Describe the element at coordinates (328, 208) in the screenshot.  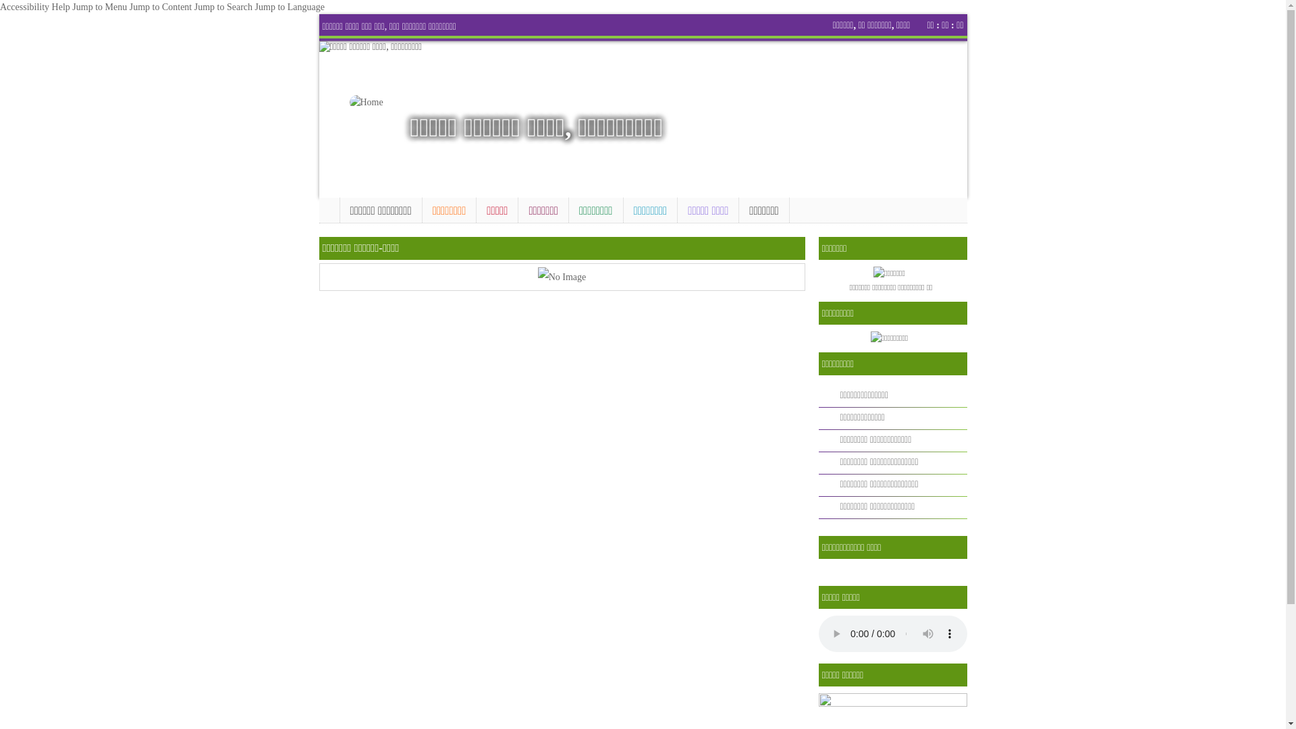
I see `'Home'` at that location.